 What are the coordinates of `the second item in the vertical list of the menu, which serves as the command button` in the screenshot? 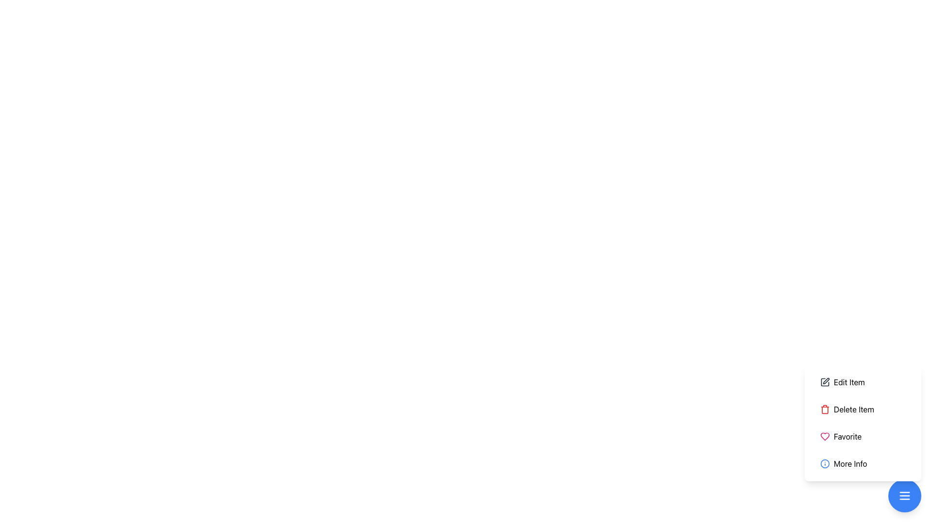 It's located at (853, 409).